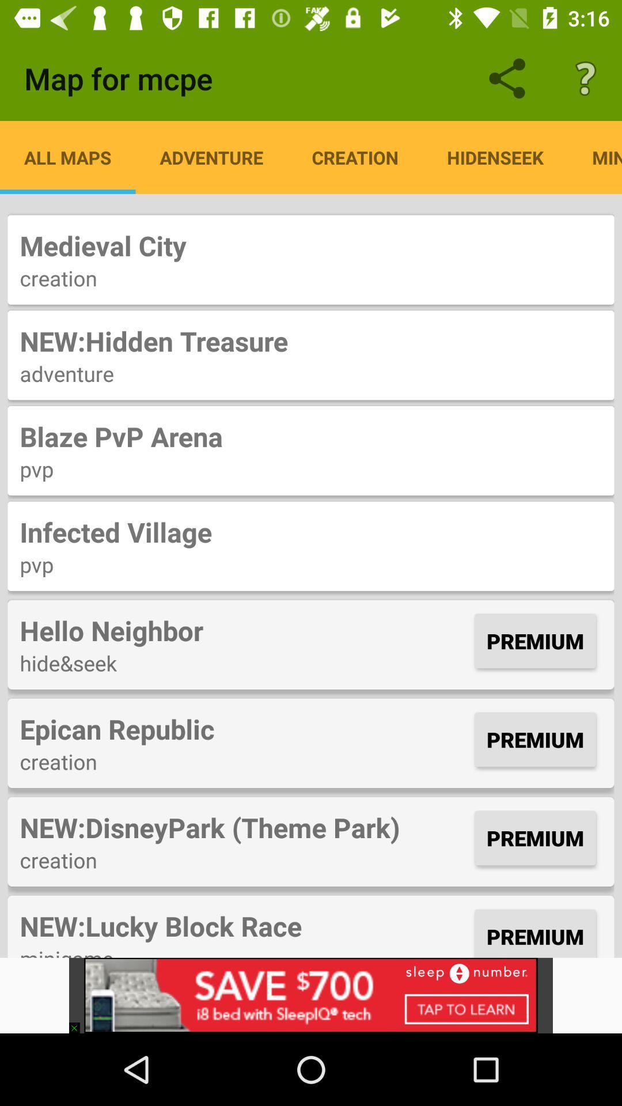 The width and height of the screenshot is (622, 1106). I want to click on the icon above pvp, so click(311, 435).